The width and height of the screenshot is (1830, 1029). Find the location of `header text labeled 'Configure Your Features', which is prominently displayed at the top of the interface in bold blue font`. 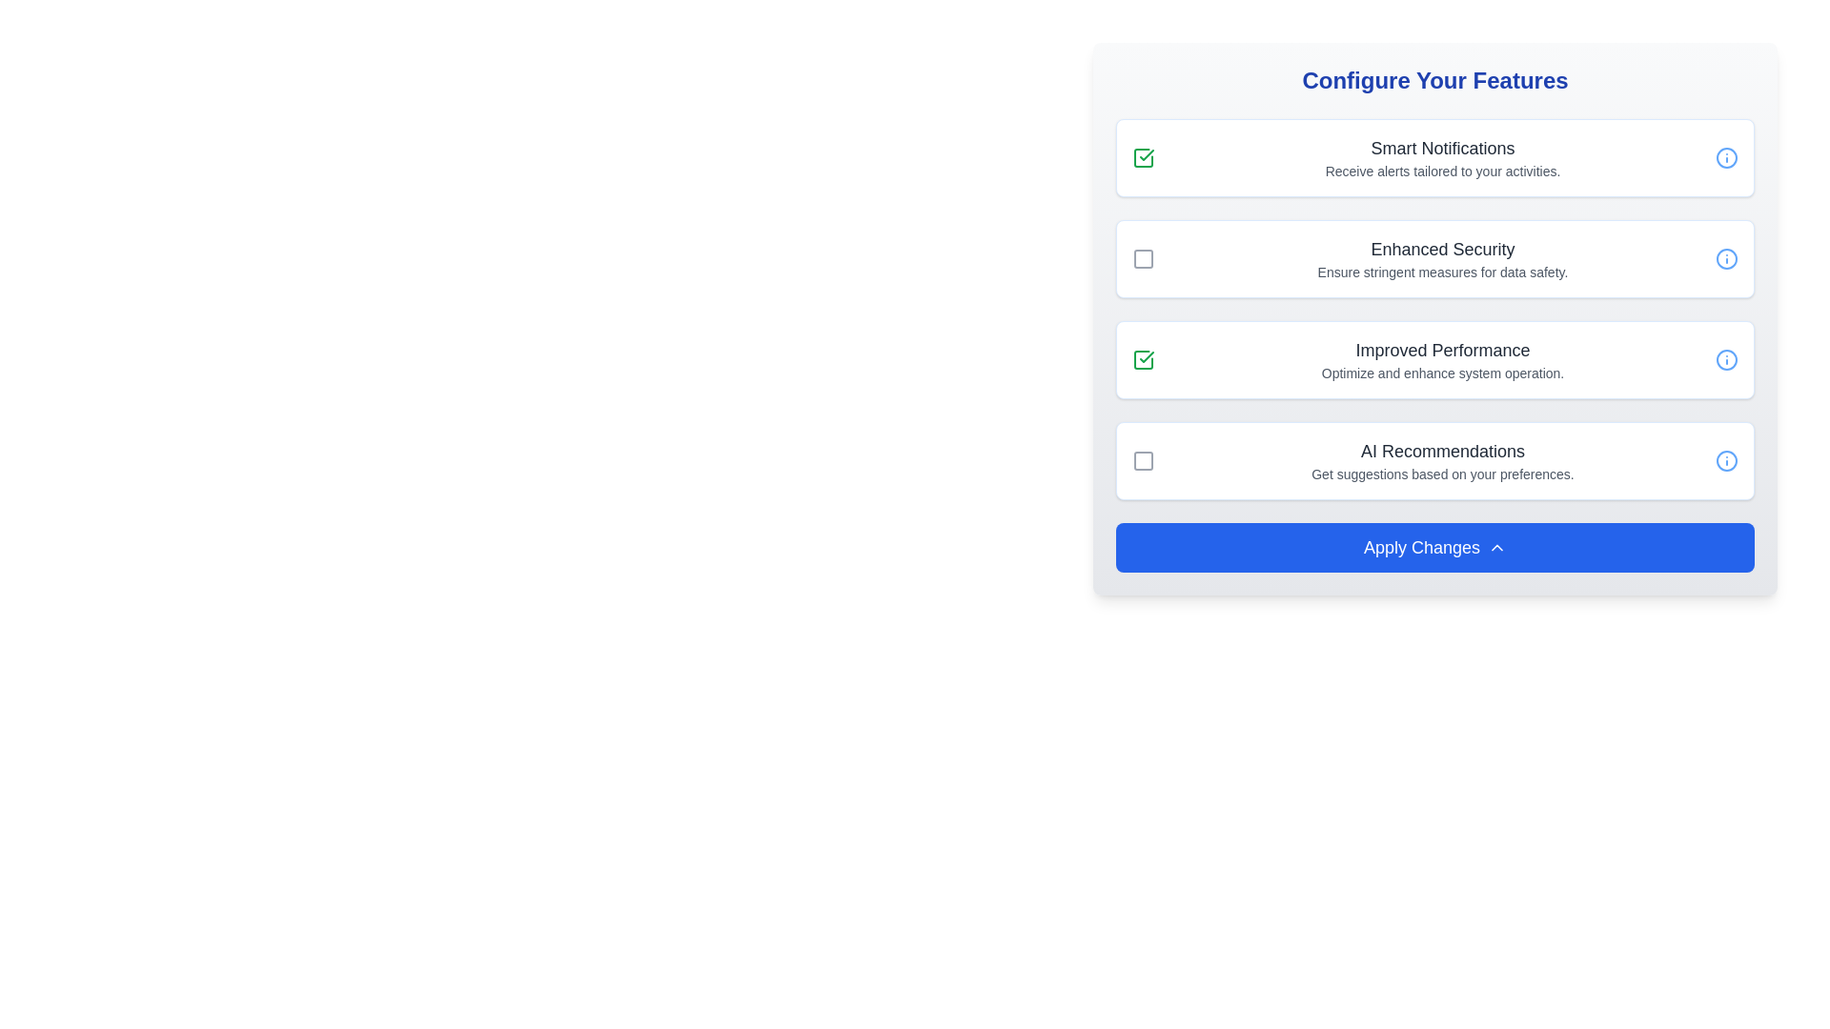

header text labeled 'Configure Your Features', which is prominently displayed at the top of the interface in bold blue font is located at coordinates (1435, 79).